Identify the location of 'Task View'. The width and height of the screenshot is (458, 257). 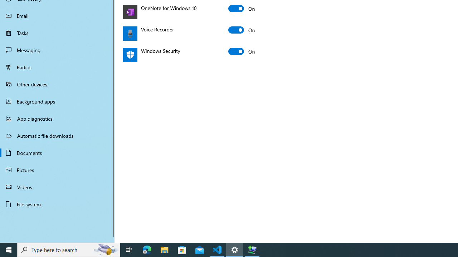
(128, 249).